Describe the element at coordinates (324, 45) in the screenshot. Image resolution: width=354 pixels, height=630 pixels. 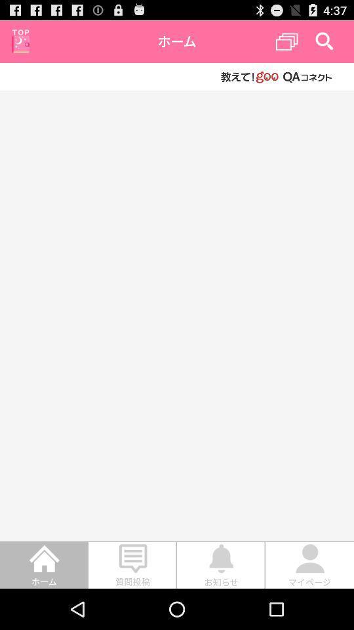
I see `the search icon` at that location.